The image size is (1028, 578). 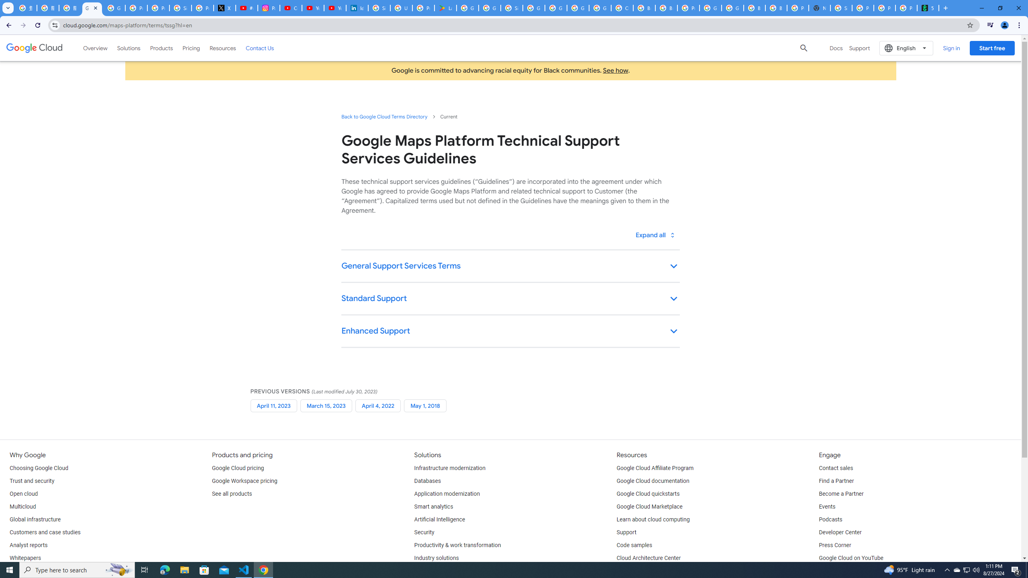 What do you see at coordinates (434, 506) in the screenshot?
I see `'Smart analytics'` at bounding box center [434, 506].